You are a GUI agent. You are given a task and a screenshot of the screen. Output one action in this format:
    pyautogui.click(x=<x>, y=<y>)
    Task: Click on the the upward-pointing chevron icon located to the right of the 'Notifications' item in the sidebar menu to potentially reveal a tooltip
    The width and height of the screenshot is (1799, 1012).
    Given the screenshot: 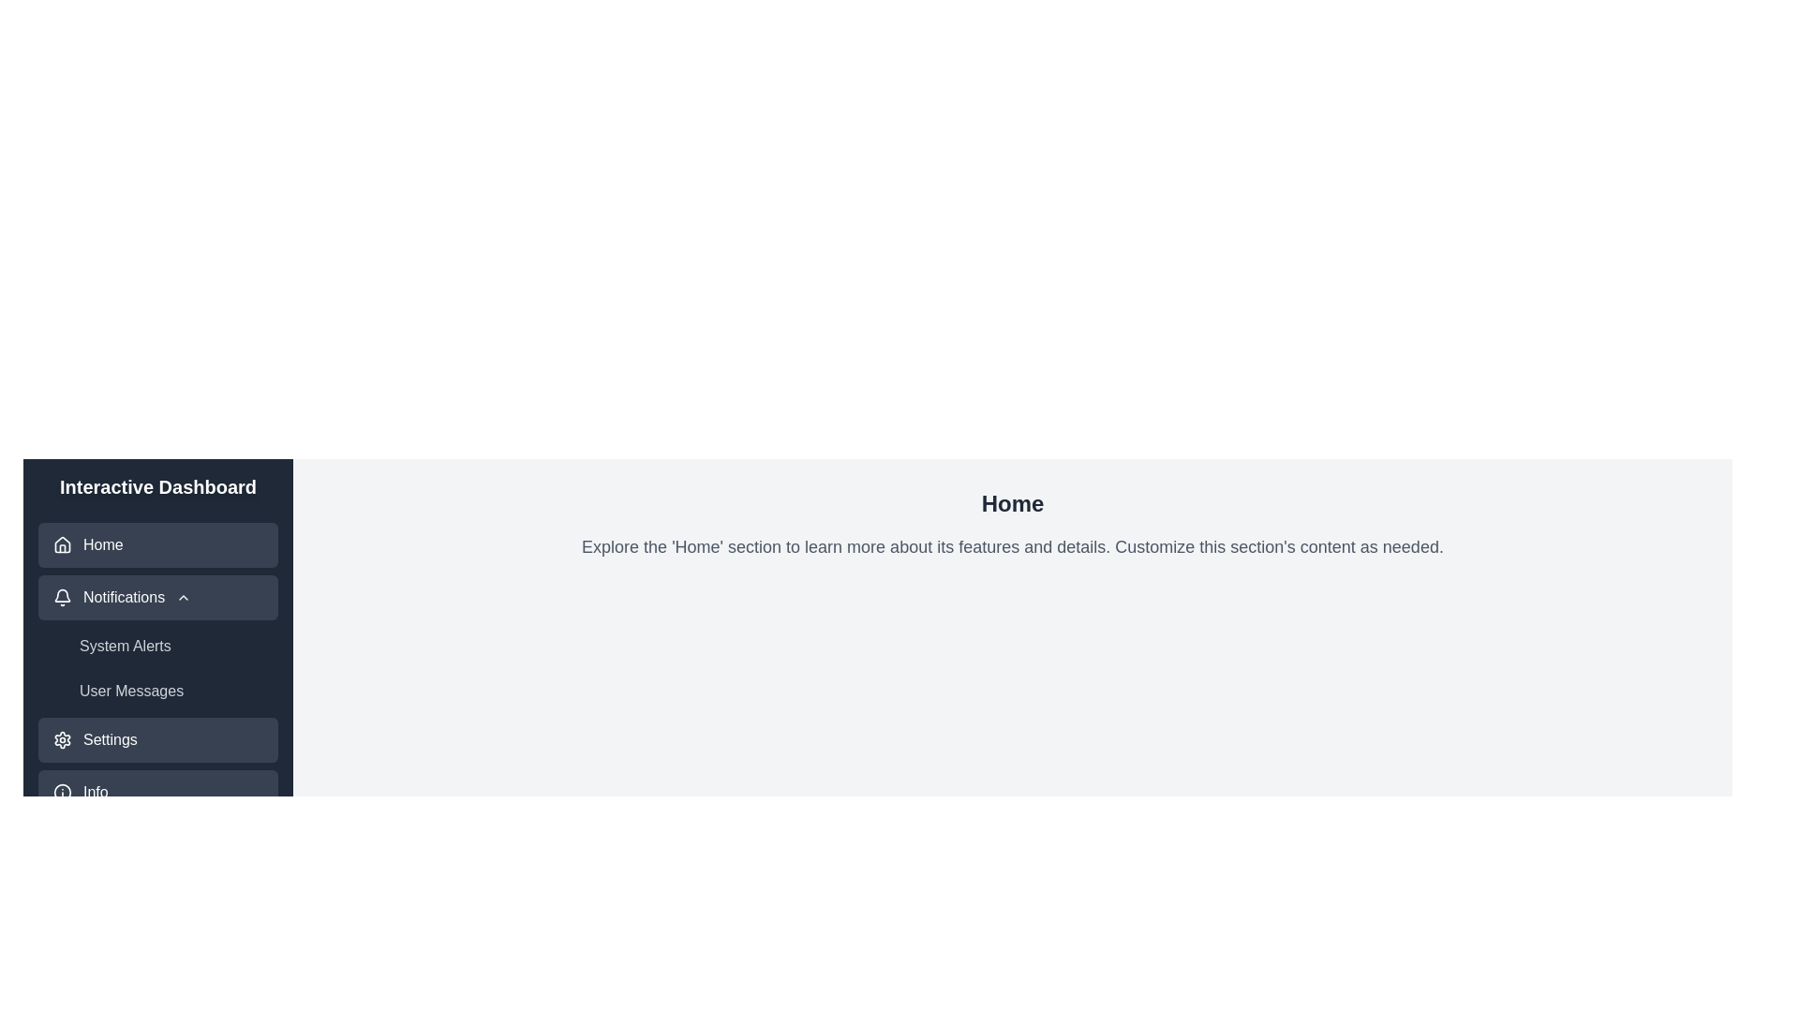 What is the action you would take?
    pyautogui.click(x=184, y=597)
    